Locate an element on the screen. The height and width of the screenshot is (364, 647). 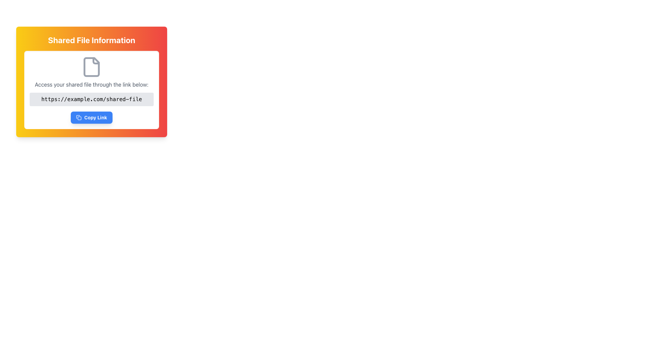
the decorative file icon located at the top center of the 'Shared File Information' card component is located at coordinates (91, 67).